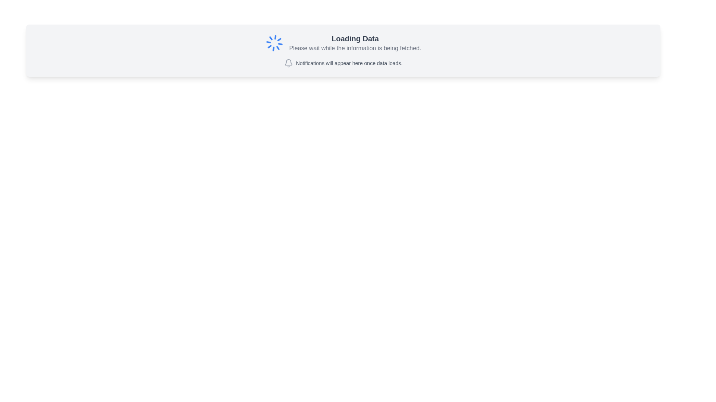 The width and height of the screenshot is (716, 402). I want to click on the static text displaying 'Please wait while the information is being fetched.' which is located below the 'Loading Data' header, so click(355, 48).